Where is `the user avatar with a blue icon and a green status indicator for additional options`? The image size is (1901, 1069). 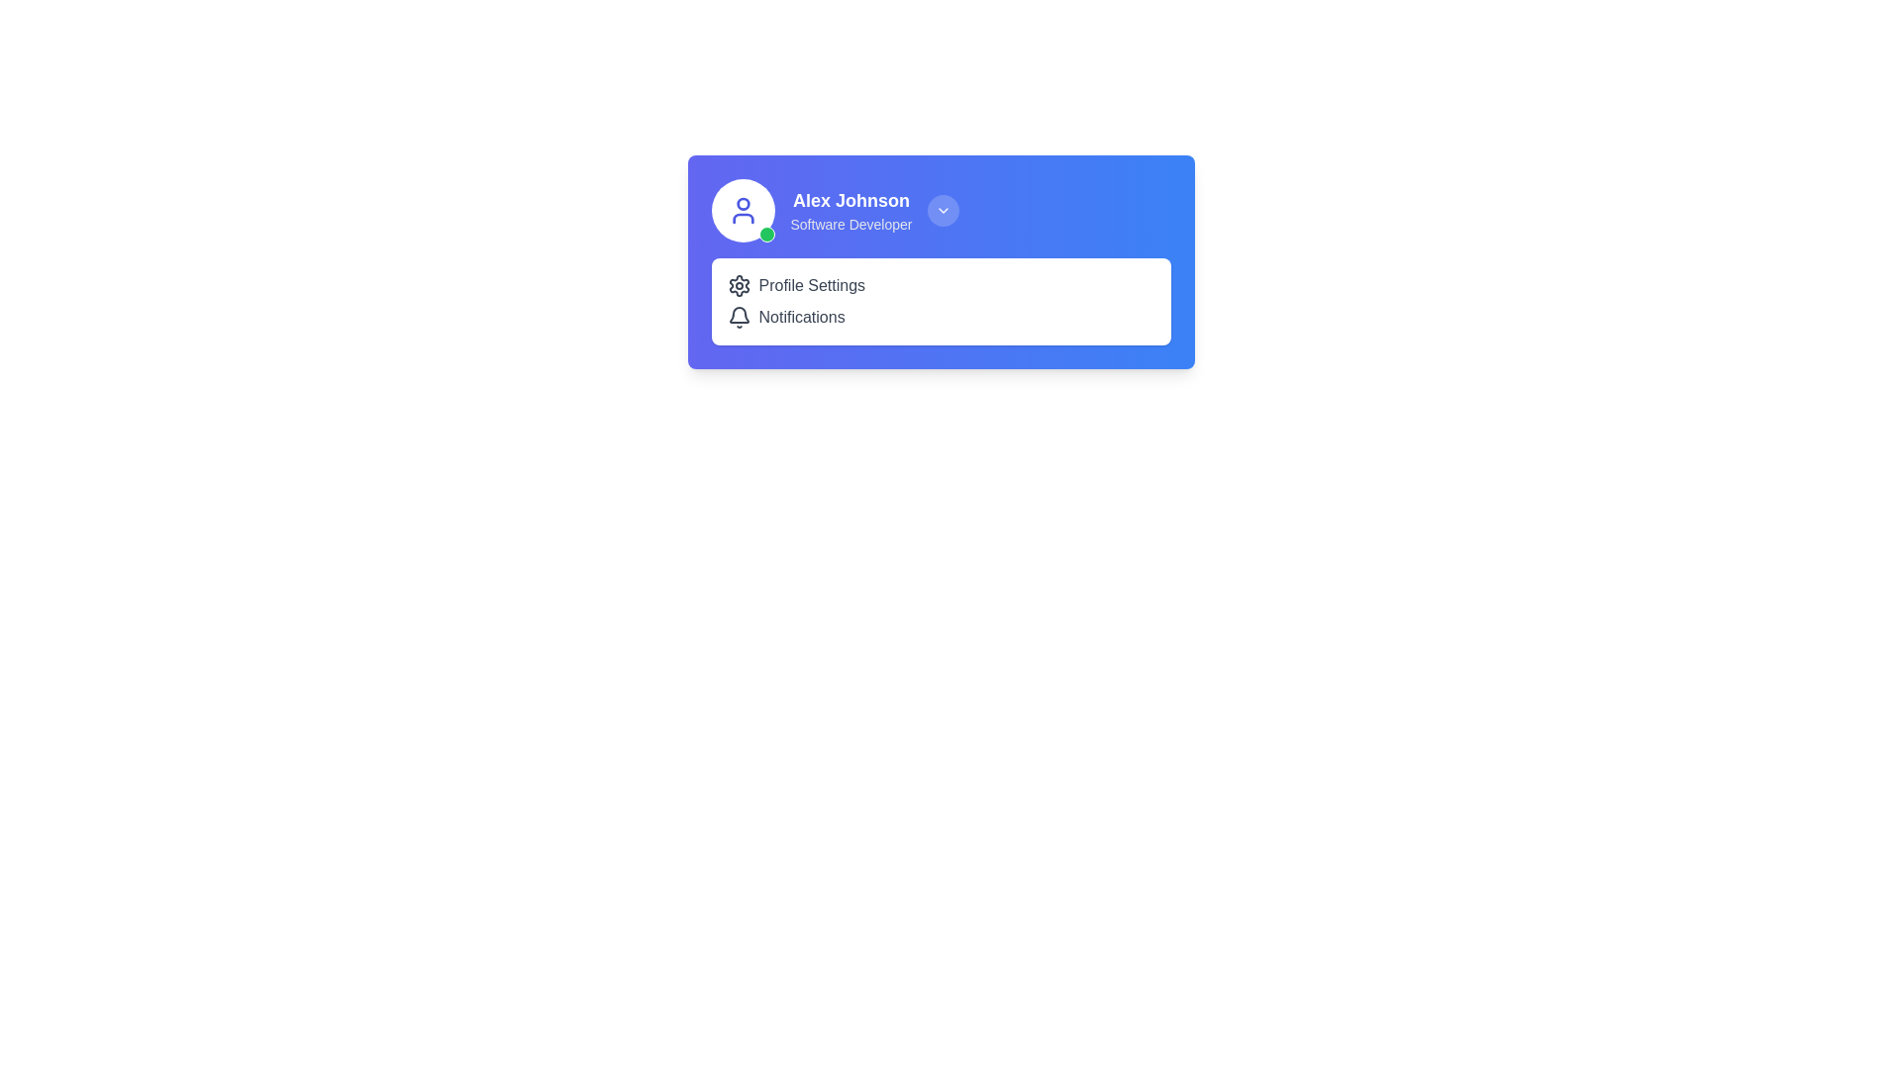
the user avatar with a blue icon and a green status indicator for additional options is located at coordinates (742, 210).